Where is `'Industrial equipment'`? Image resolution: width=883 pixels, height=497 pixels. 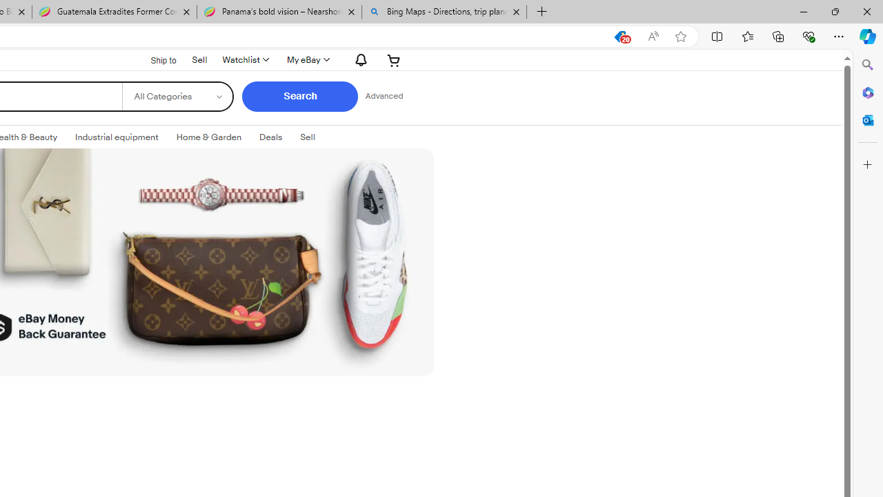 'Industrial equipment' is located at coordinates (117, 137).